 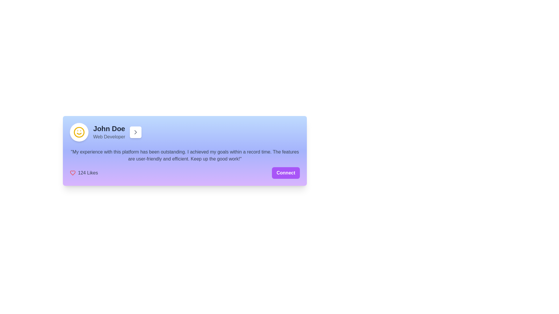 What do you see at coordinates (79, 132) in the screenshot?
I see `the white circular button with a yellow smiley face icon, located to the left of the name 'John Doe' in the profile card header section` at bounding box center [79, 132].